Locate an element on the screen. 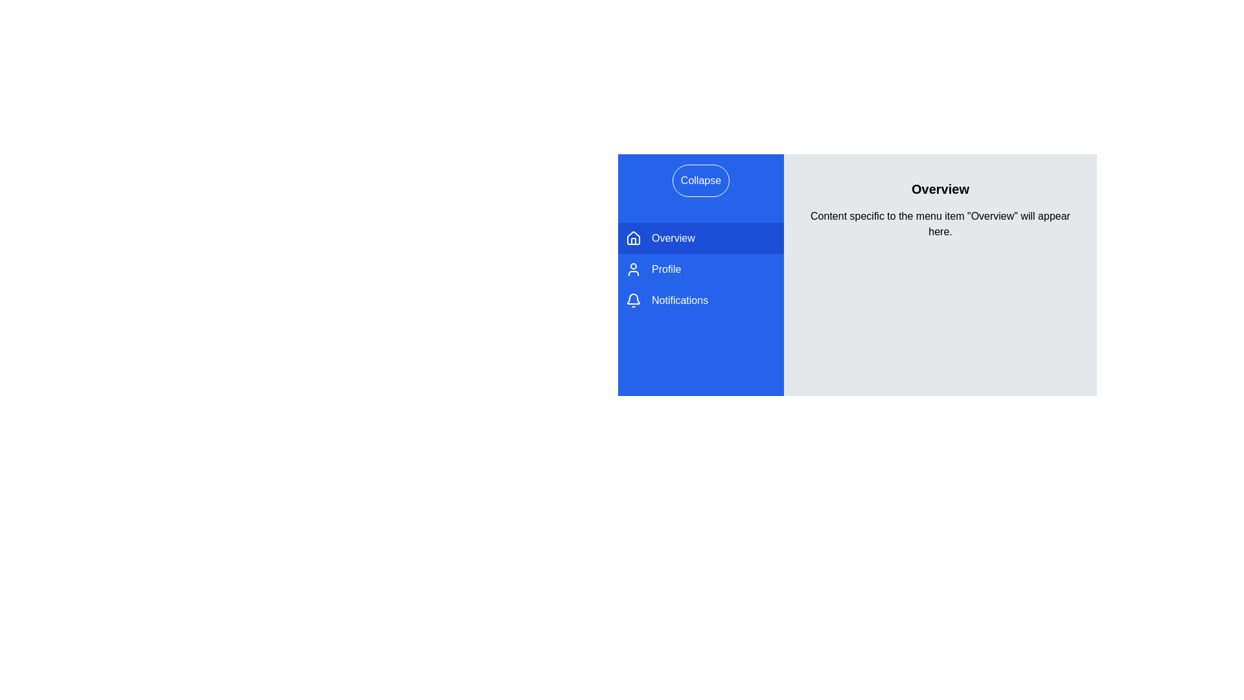 The width and height of the screenshot is (1244, 700). the small, house-shaped icon with blue and white accents located in the vertical navigation bar next to the 'Overview' text is located at coordinates (634, 237).